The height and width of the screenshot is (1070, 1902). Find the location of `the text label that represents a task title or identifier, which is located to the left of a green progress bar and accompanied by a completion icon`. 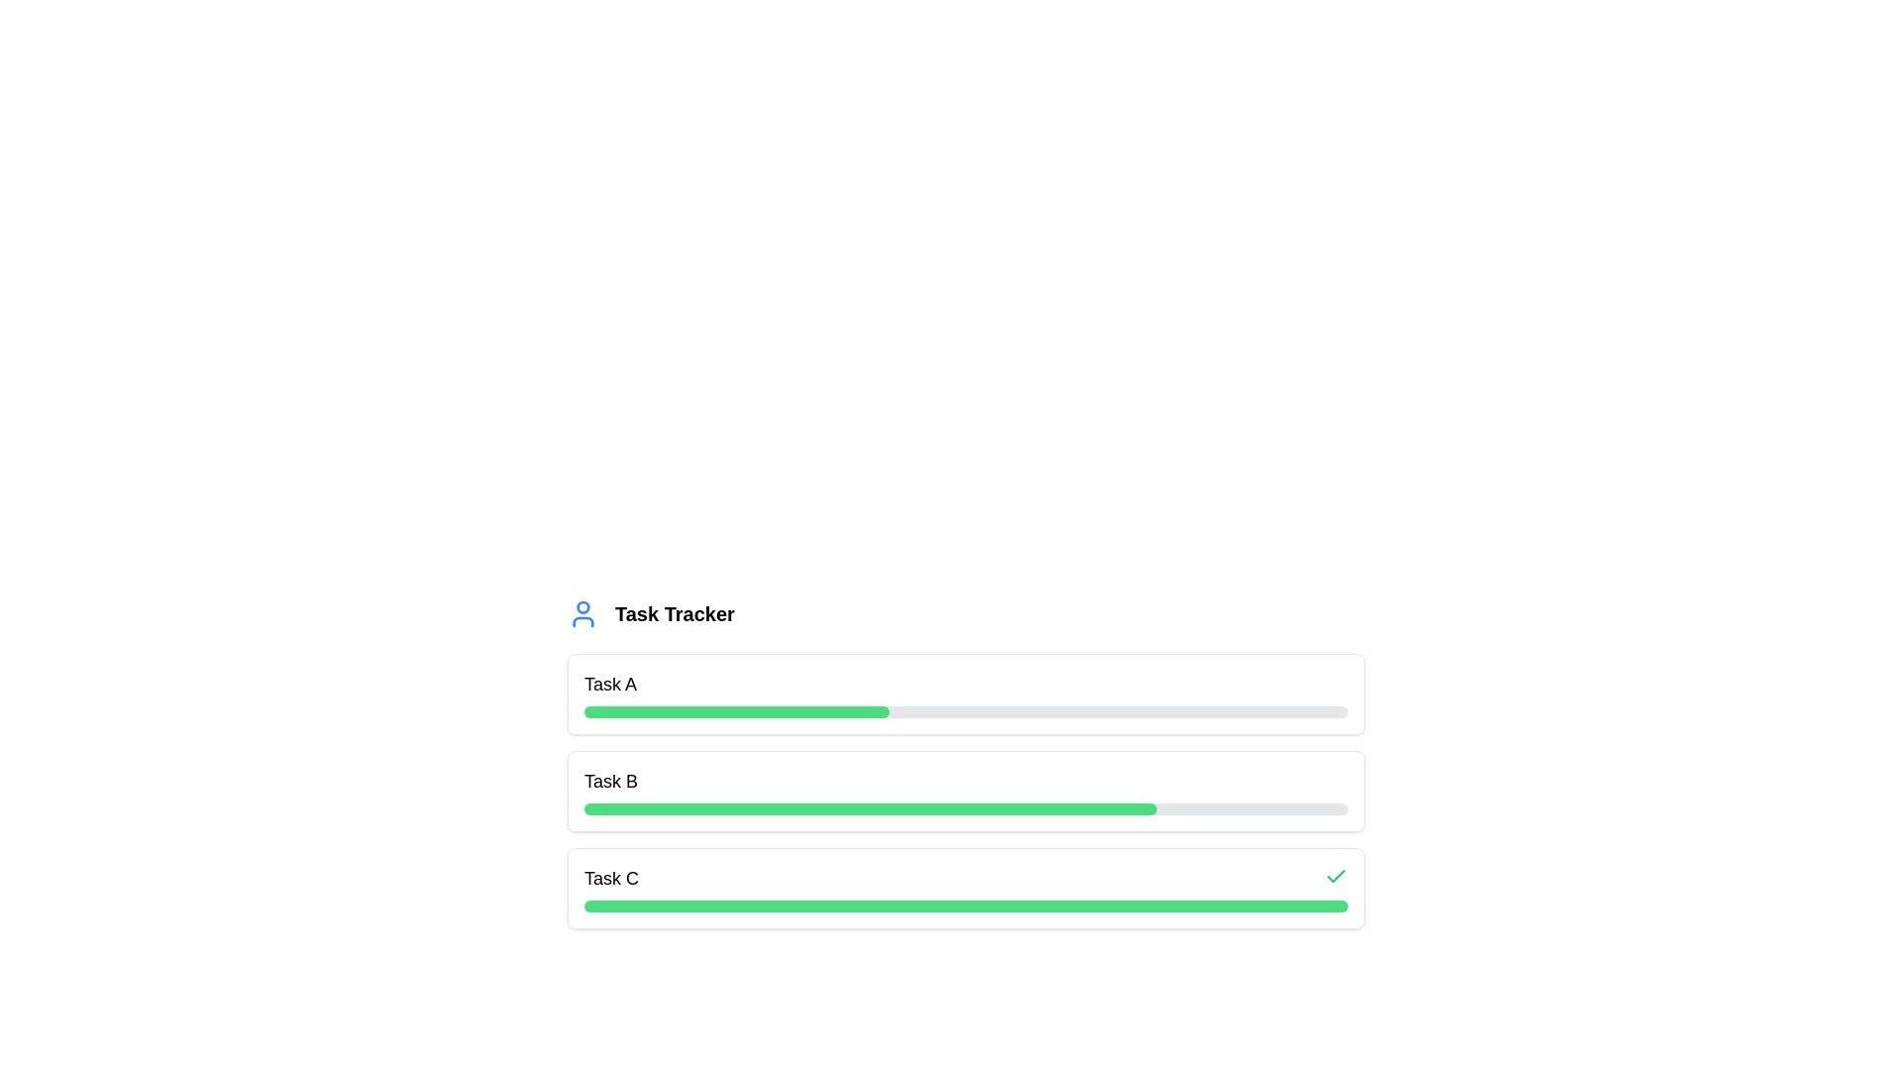

the text label that represents a task title or identifier, which is located to the left of a green progress bar and accompanied by a completion icon is located at coordinates (610, 878).